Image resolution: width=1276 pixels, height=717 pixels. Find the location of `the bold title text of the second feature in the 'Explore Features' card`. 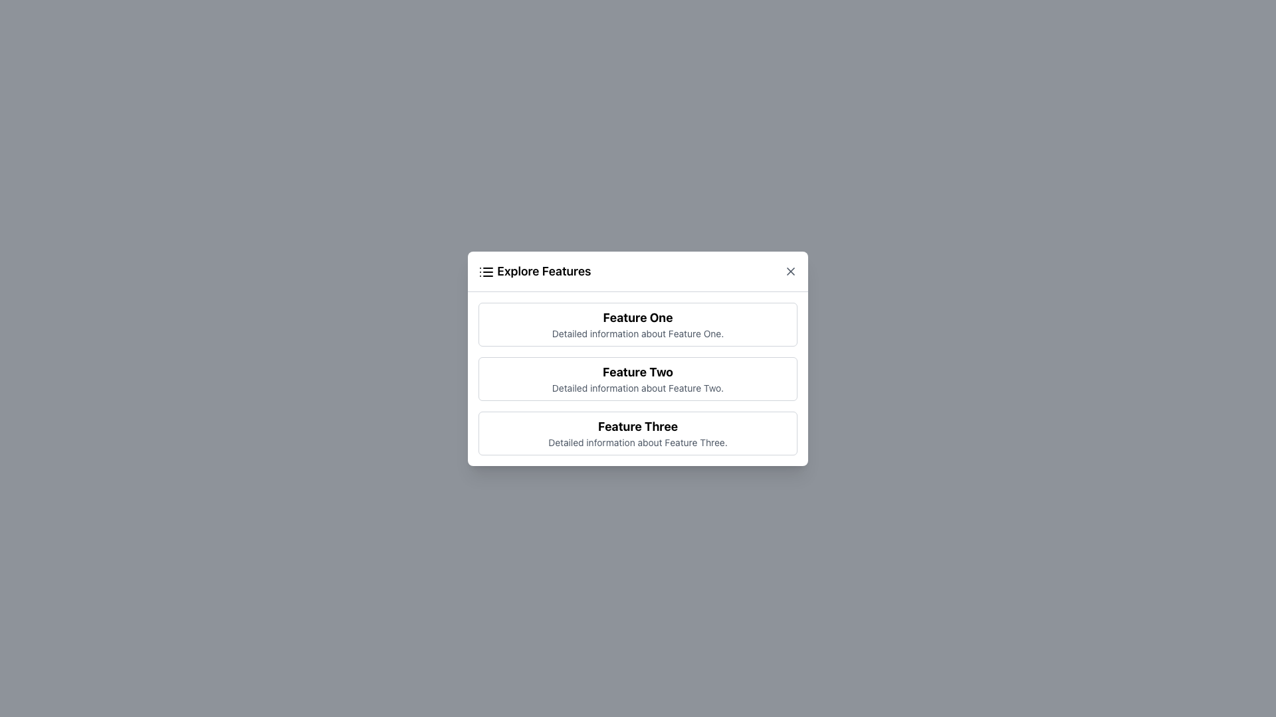

the bold title text of the second feature in the 'Explore Features' card is located at coordinates (638, 371).